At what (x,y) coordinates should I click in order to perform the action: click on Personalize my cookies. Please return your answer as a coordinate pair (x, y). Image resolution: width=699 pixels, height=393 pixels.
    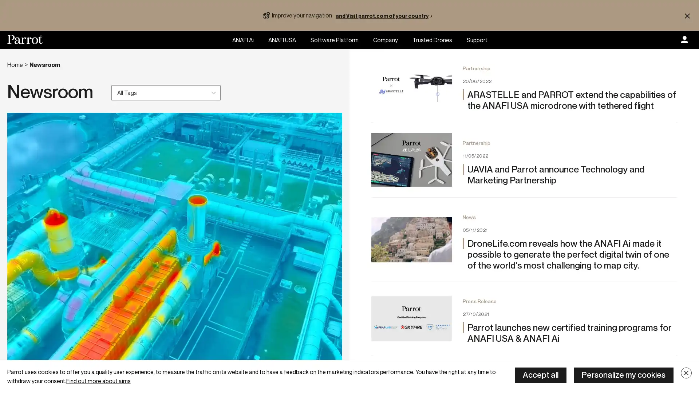
    Looking at the image, I should click on (623, 375).